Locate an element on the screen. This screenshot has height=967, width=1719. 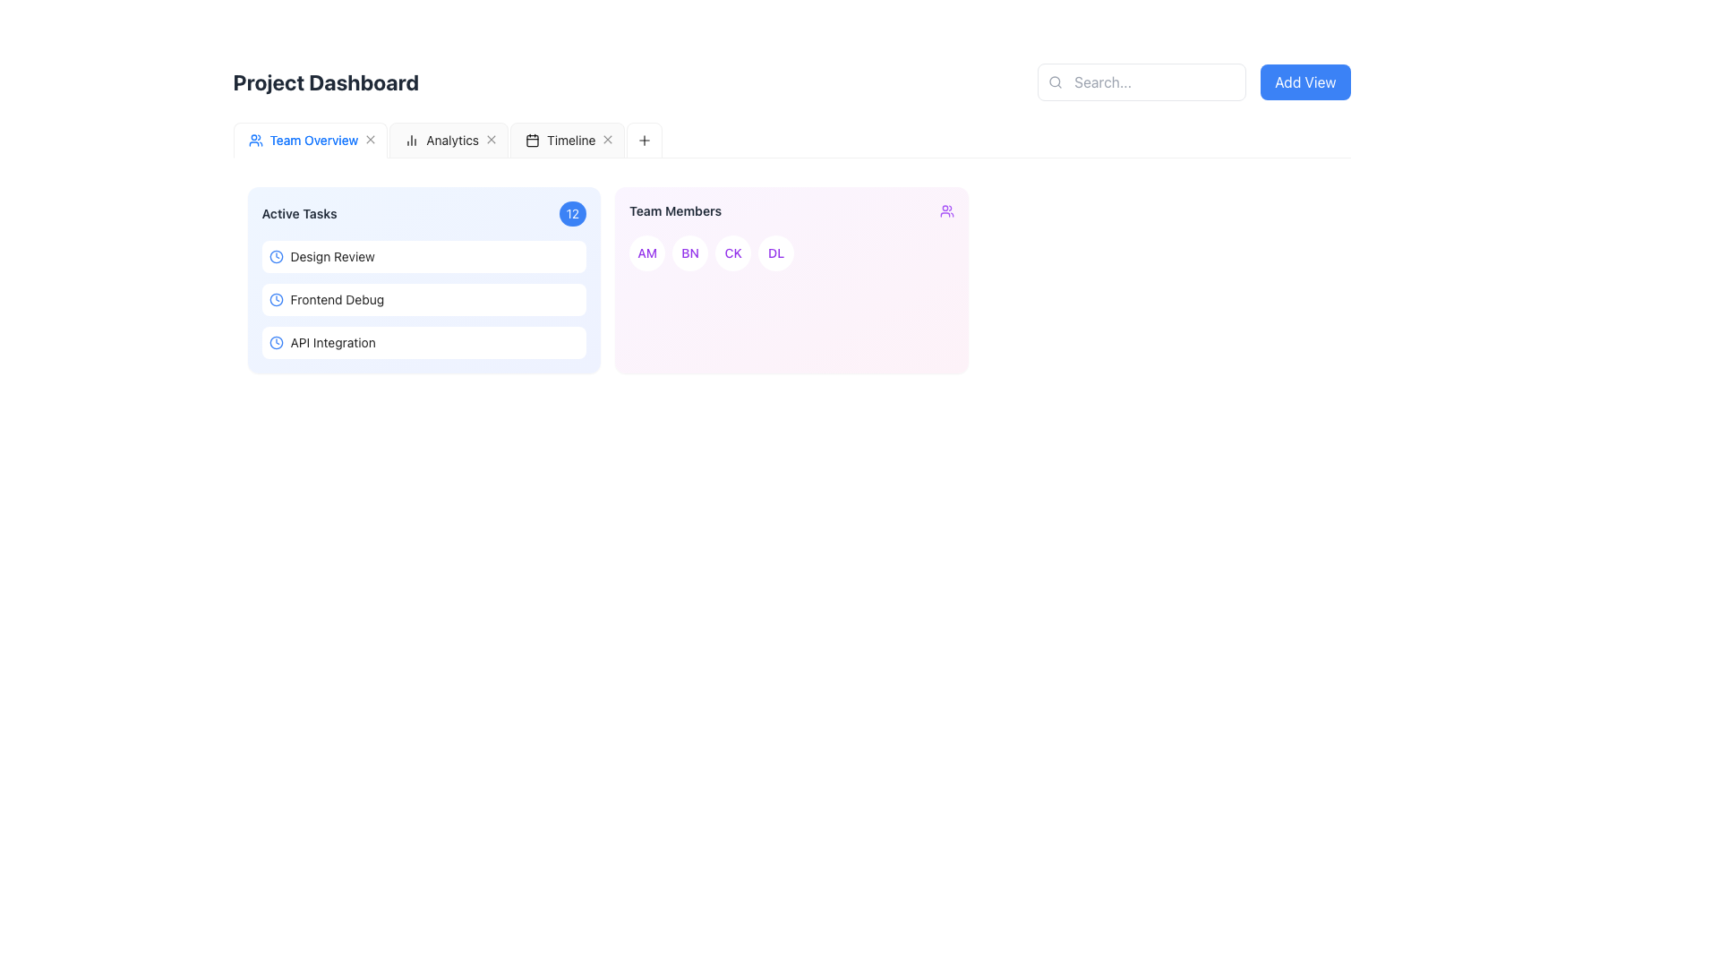
the blue clock icon located in the 'API Integration' section of the 'Active Tasks' panel, positioned to the left of the text 'API Integration' is located at coordinates (275, 342).